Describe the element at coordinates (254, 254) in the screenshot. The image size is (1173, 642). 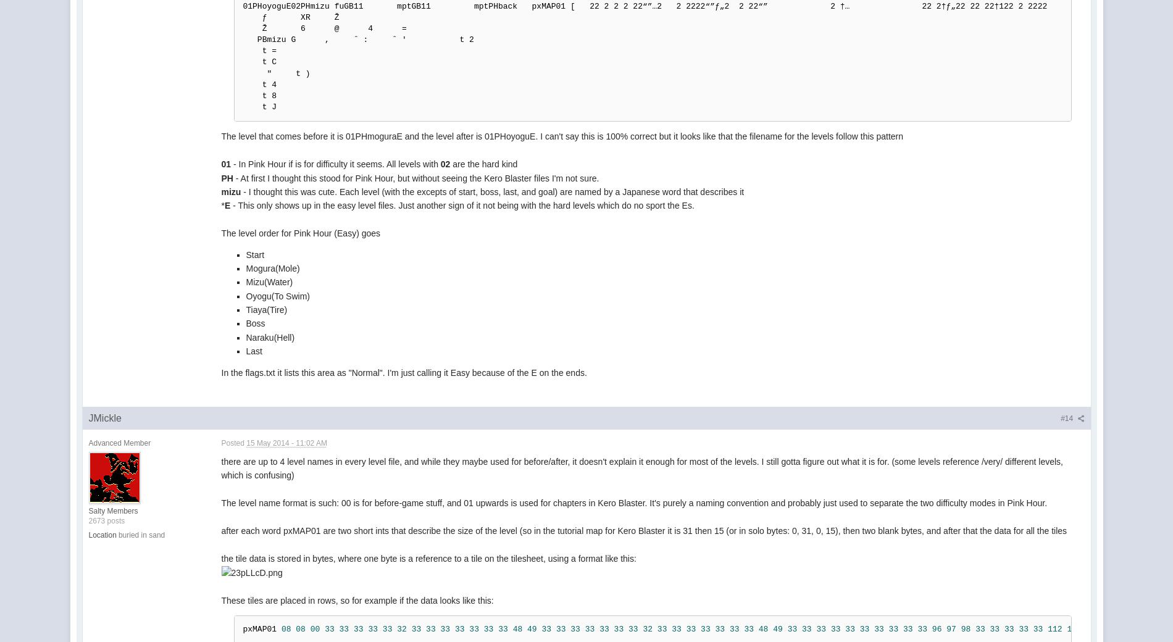
I see `'Start'` at that location.